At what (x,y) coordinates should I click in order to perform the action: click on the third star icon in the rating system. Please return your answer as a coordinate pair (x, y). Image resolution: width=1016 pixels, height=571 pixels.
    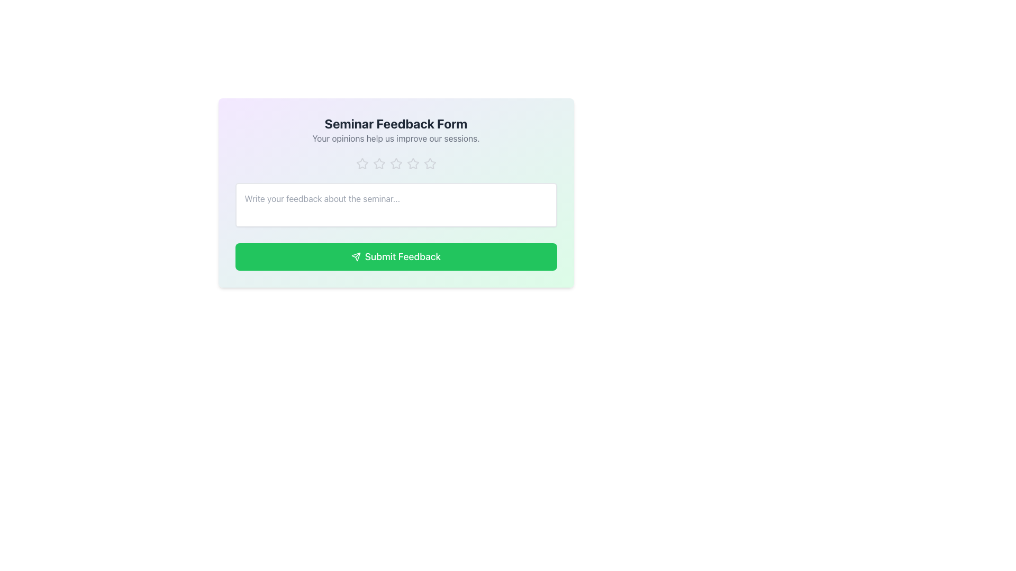
    Looking at the image, I should click on (412, 163).